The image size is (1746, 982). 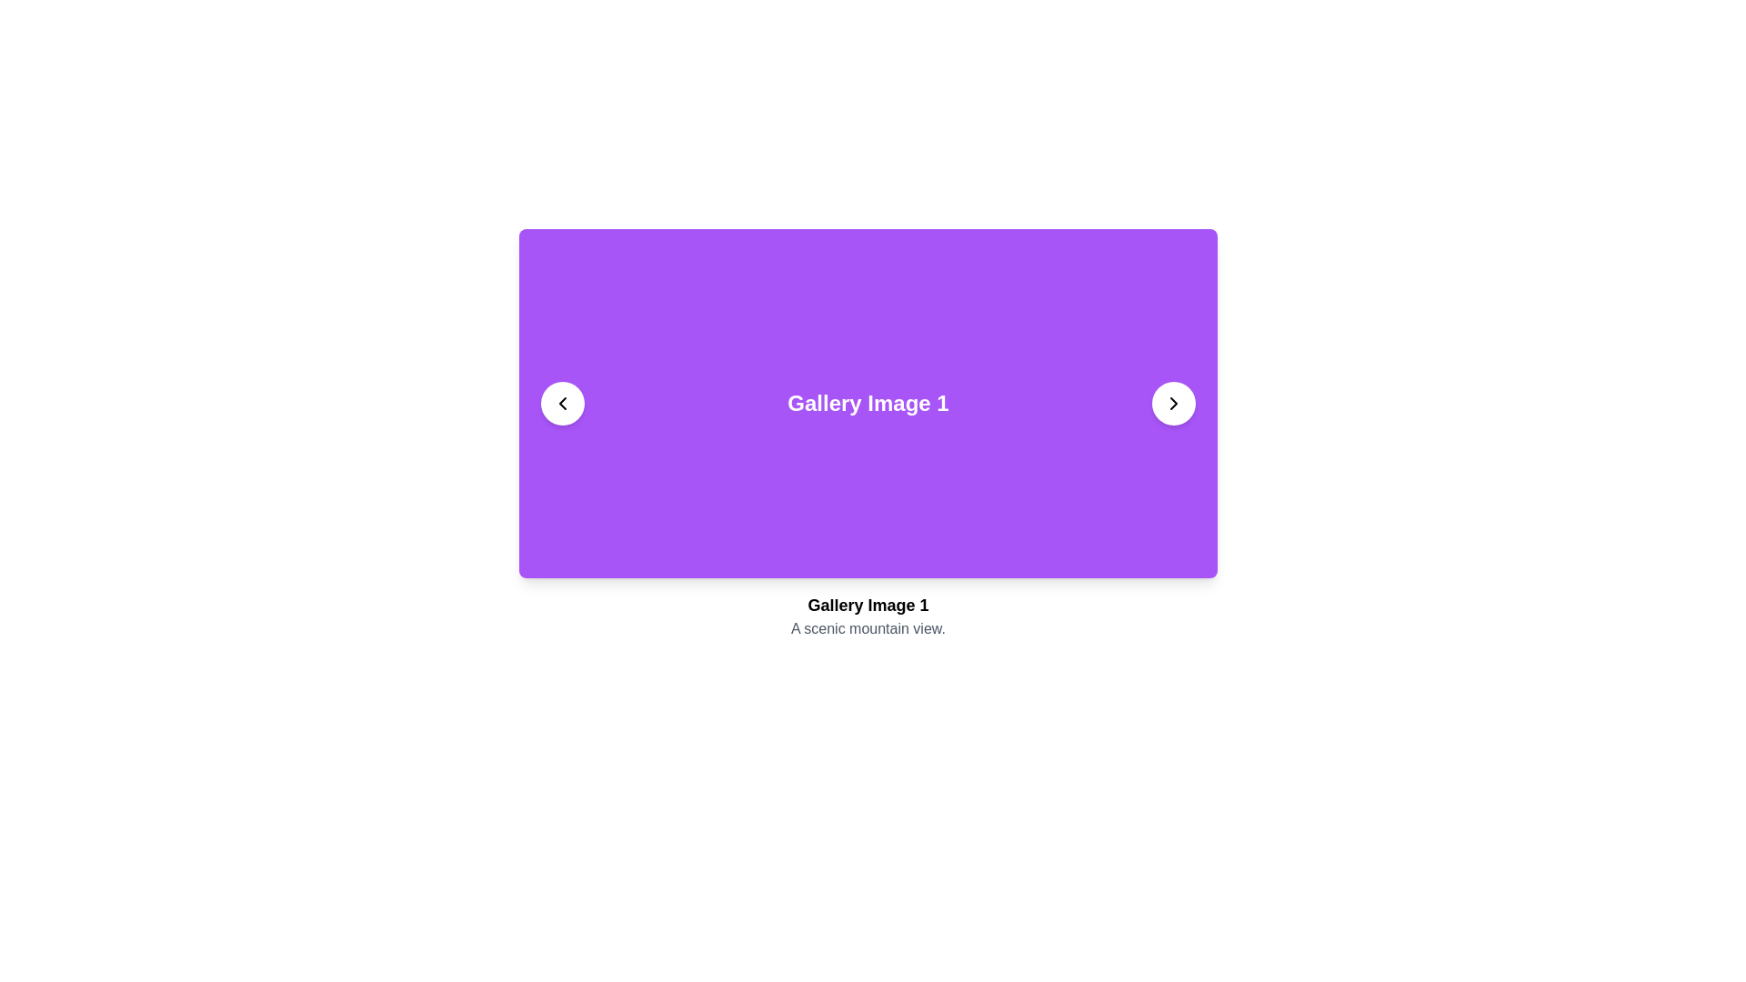 I want to click on the circular button with a black right-chevron icon located, so click(x=1174, y=402).